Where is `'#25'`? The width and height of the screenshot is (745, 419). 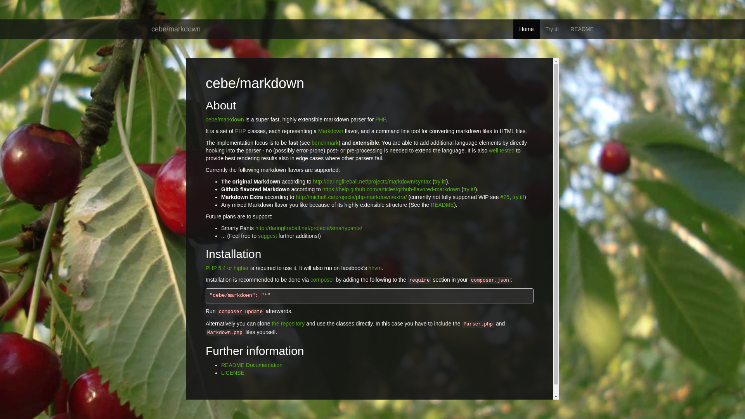 '#25' is located at coordinates (505, 197).